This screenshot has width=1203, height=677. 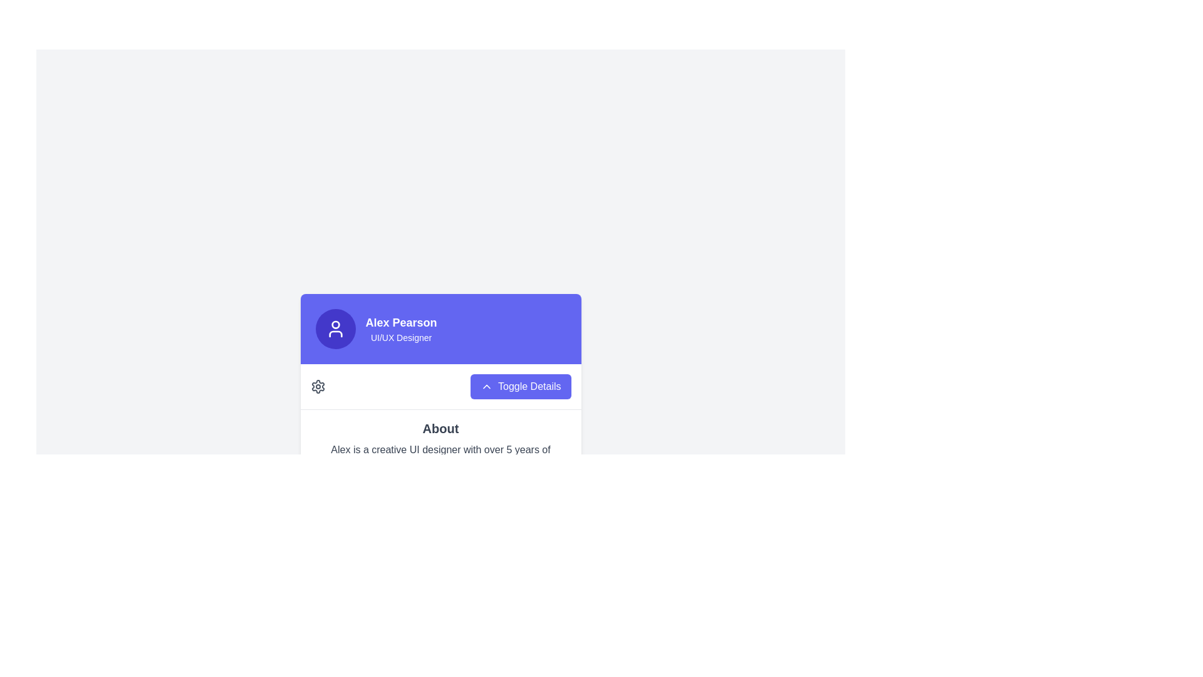 I want to click on the circular icon with a purple background and a white user profile silhouette, positioned before the text 'Alex Pearson', which indicates the user profile, so click(x=335, y=328).